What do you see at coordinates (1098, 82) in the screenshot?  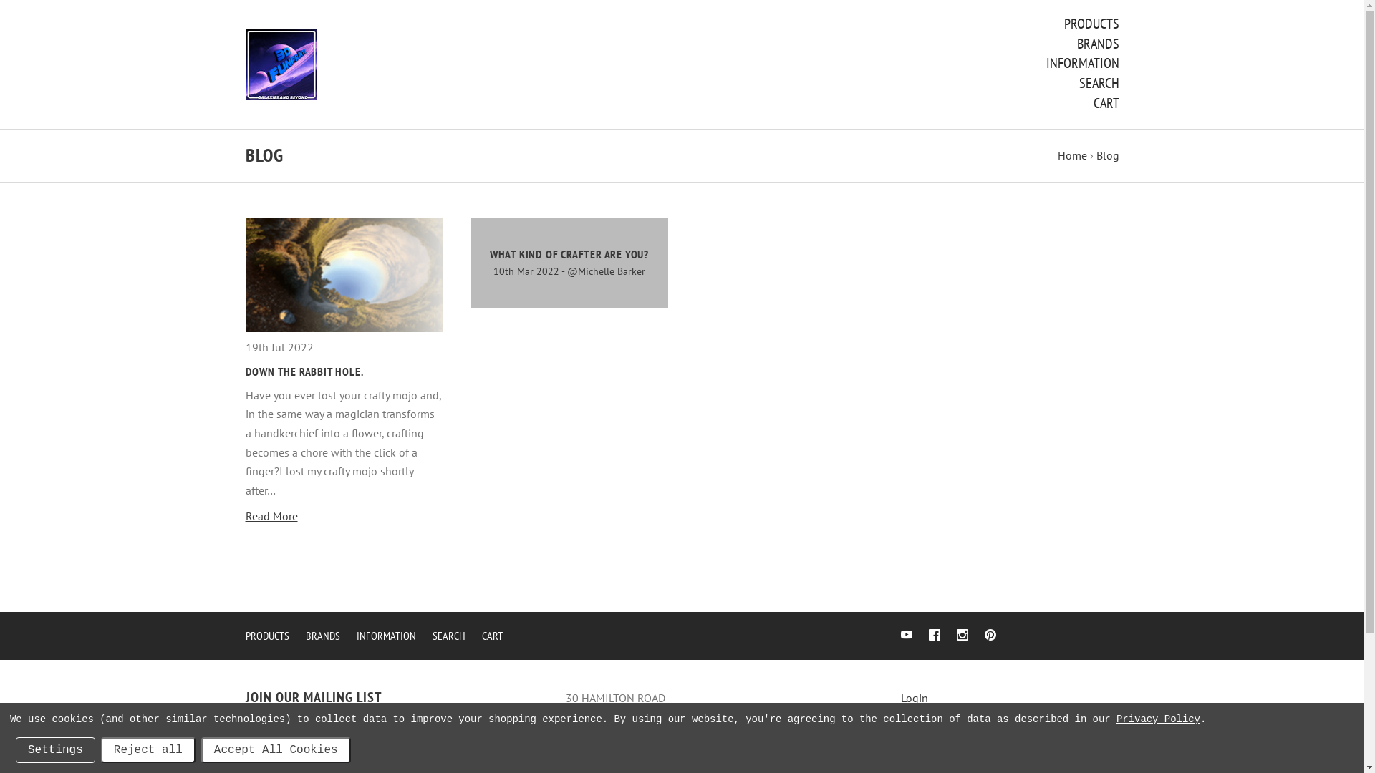 I see `'SEARCH'` at bounding box center [1098, 82].